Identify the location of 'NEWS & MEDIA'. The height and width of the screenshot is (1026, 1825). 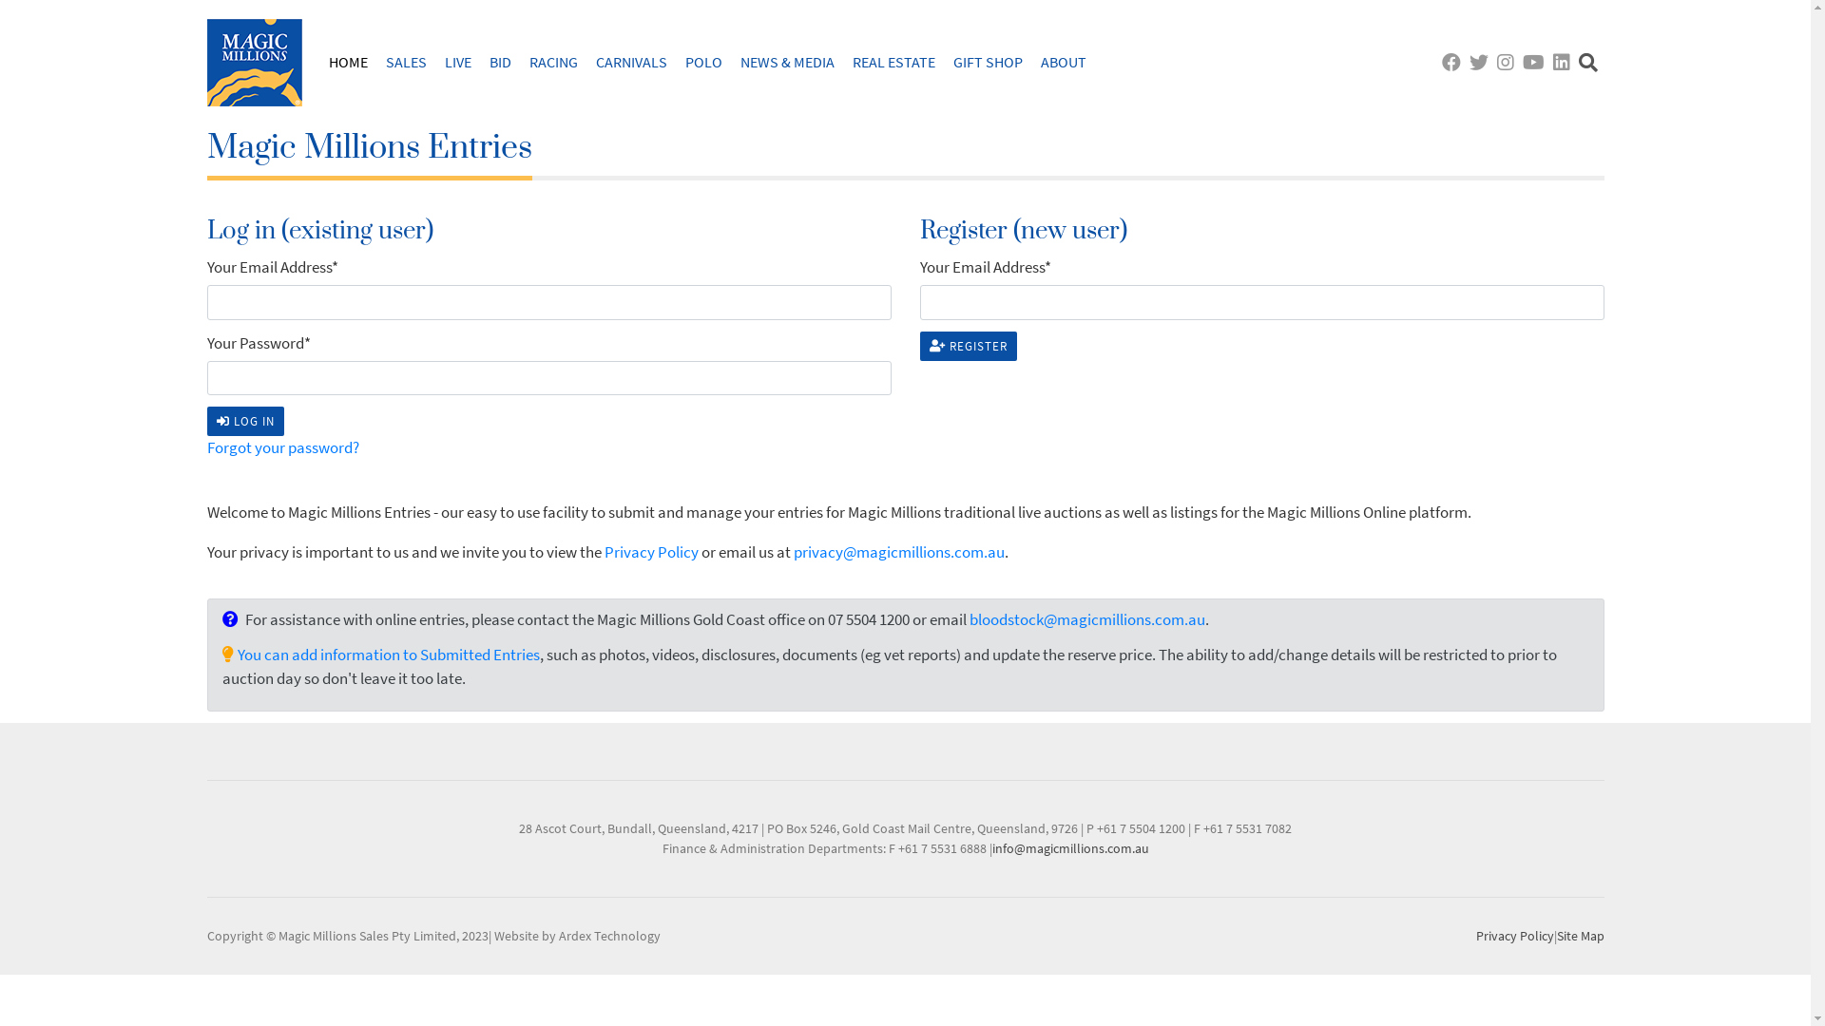
(786, 61).